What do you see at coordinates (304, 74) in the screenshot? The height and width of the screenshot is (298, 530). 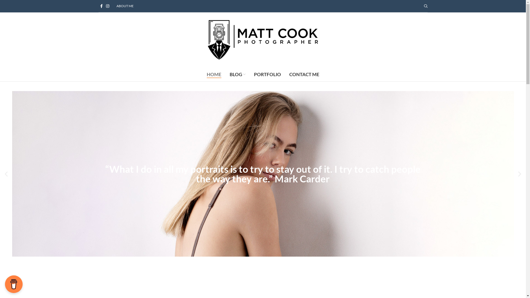 I see `'CONTACT ME'` at bounding box center [304, 74].